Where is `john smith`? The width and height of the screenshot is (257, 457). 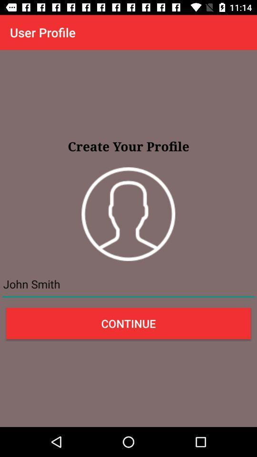
john smith is located at coordinates (128, 284).